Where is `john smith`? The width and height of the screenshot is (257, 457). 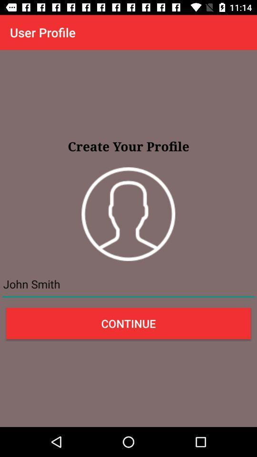
john smith is located at coordinates (128, 284).